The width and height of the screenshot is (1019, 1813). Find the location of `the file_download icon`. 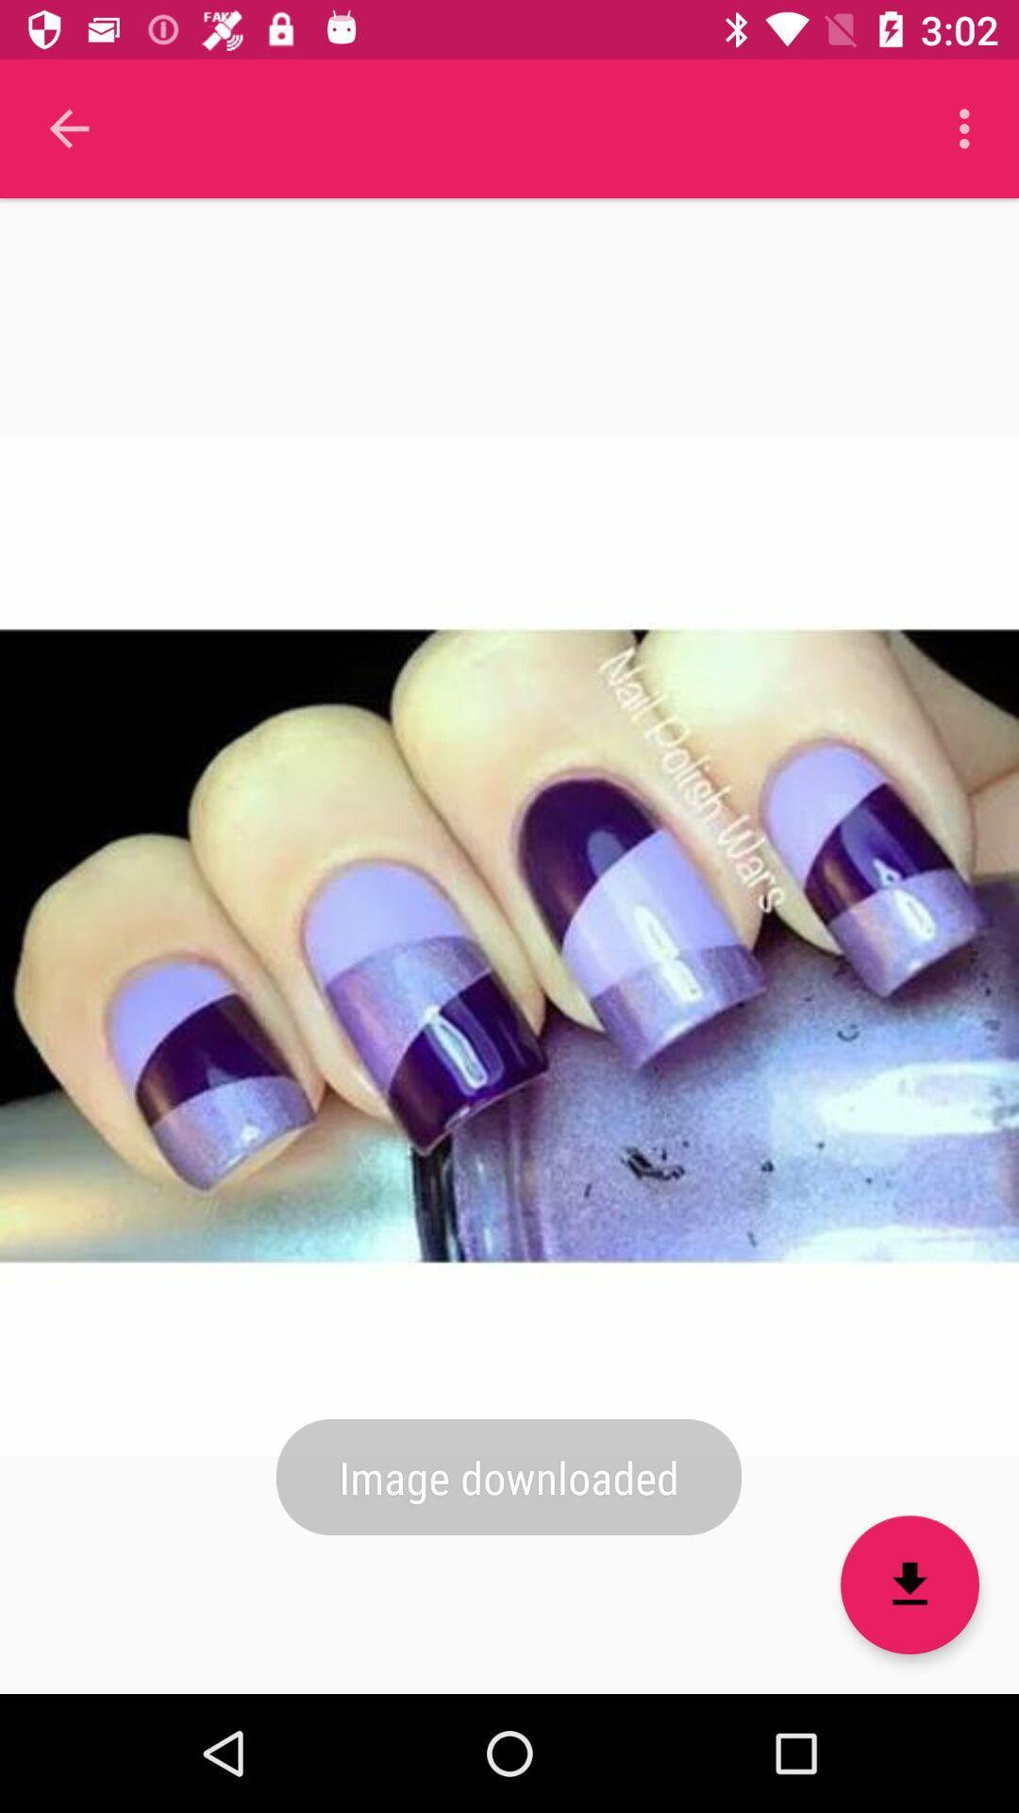

the file_download icon is located at coordinates (909, 1584).